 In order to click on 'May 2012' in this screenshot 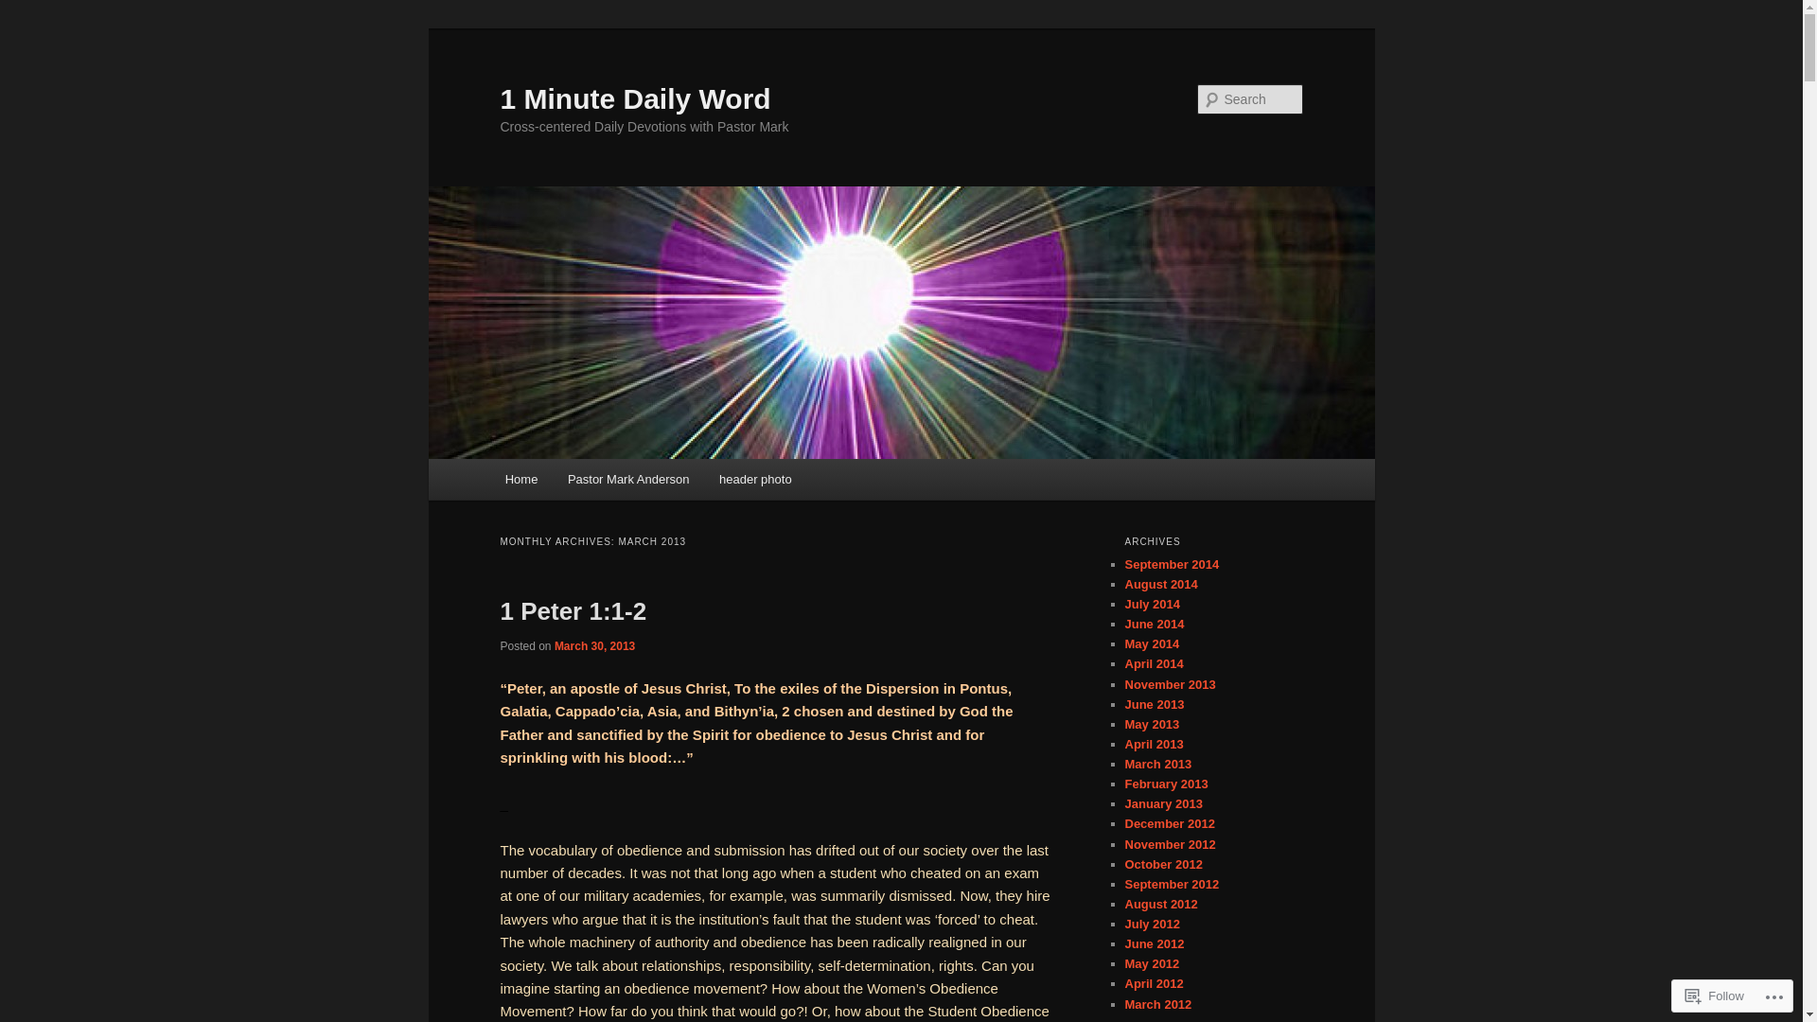, I will do `click(1124, 963)`.